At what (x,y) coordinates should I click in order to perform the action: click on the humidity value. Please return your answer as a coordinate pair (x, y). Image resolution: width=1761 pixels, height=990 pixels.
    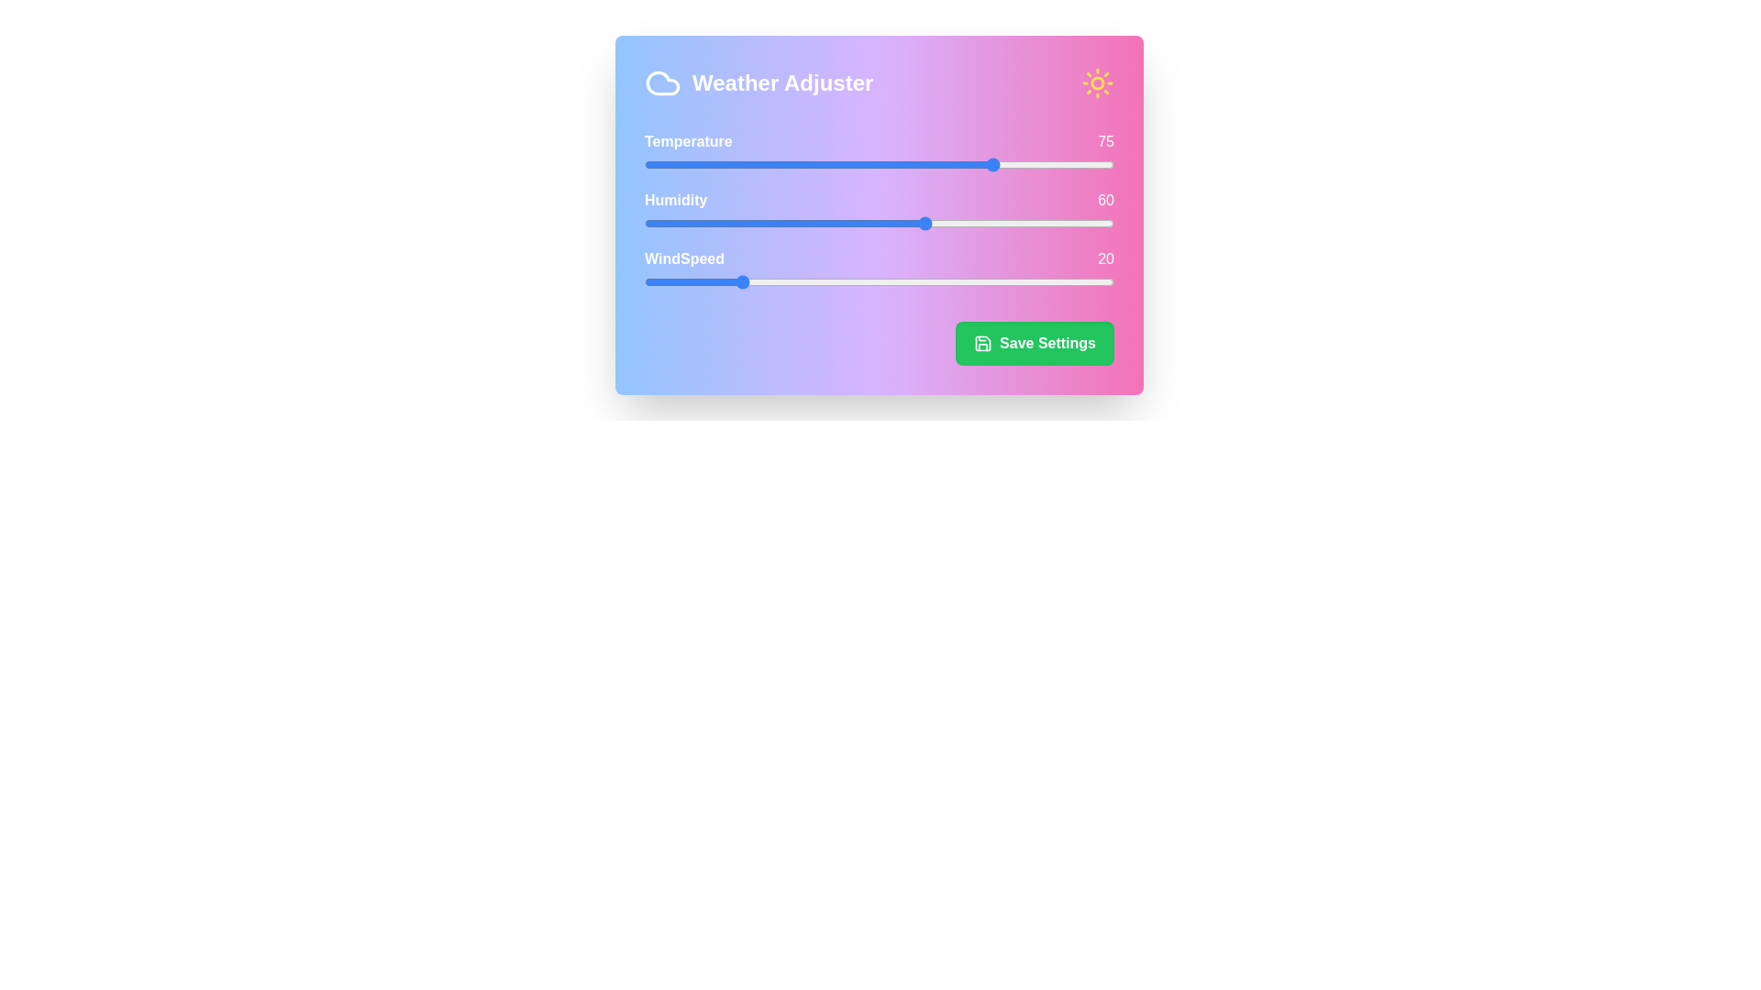
    Looking at the image, I should click on (1058, 222).